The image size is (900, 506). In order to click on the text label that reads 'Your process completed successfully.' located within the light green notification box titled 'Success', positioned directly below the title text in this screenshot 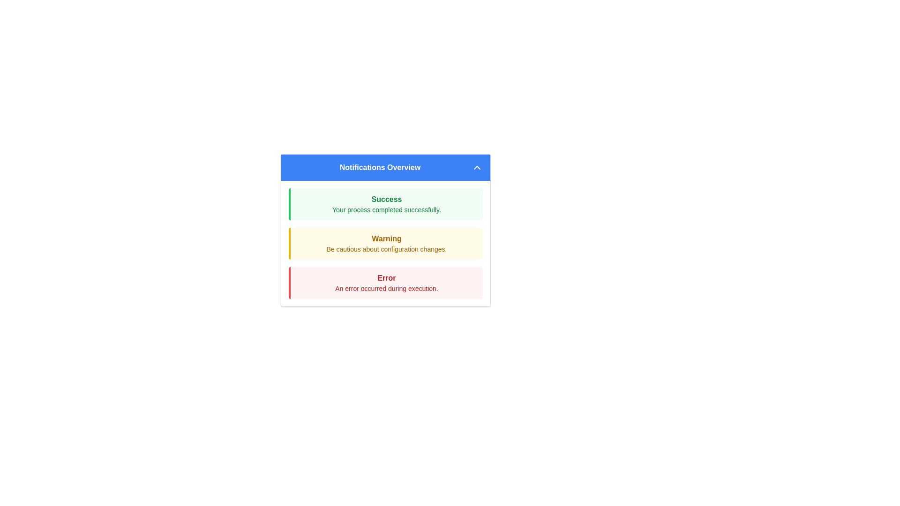, I will do `click(387, 209)`.